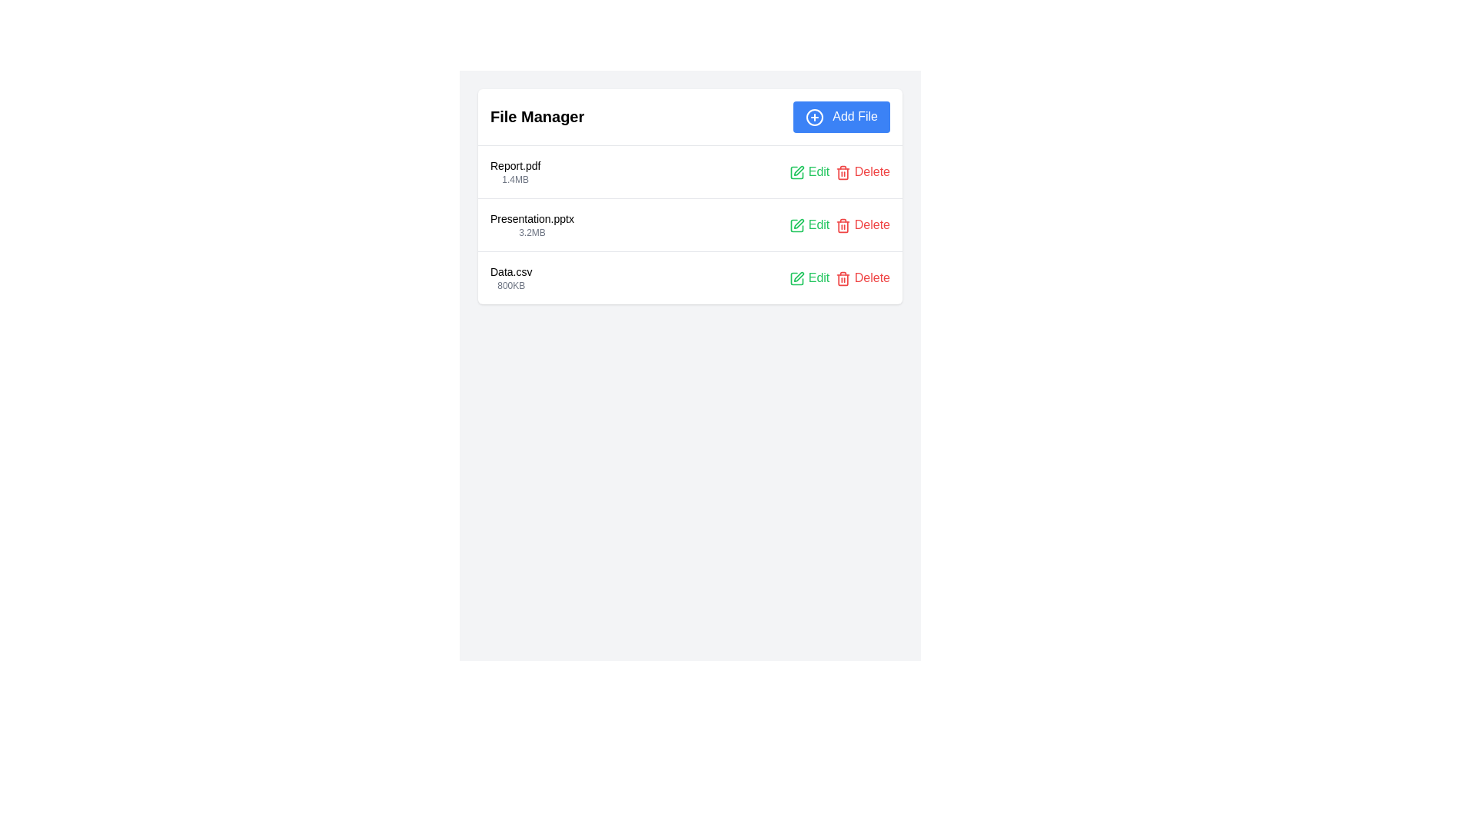 The height and width of the screenshot is (830, 1476). What do you see at coordinates (515, 178) in the screenshot?
I see `the static text label displaying the file size '1.4MB' associated with 'Report.pdf', located in the first row of the file listing interface` at bounding box center [515, 178].